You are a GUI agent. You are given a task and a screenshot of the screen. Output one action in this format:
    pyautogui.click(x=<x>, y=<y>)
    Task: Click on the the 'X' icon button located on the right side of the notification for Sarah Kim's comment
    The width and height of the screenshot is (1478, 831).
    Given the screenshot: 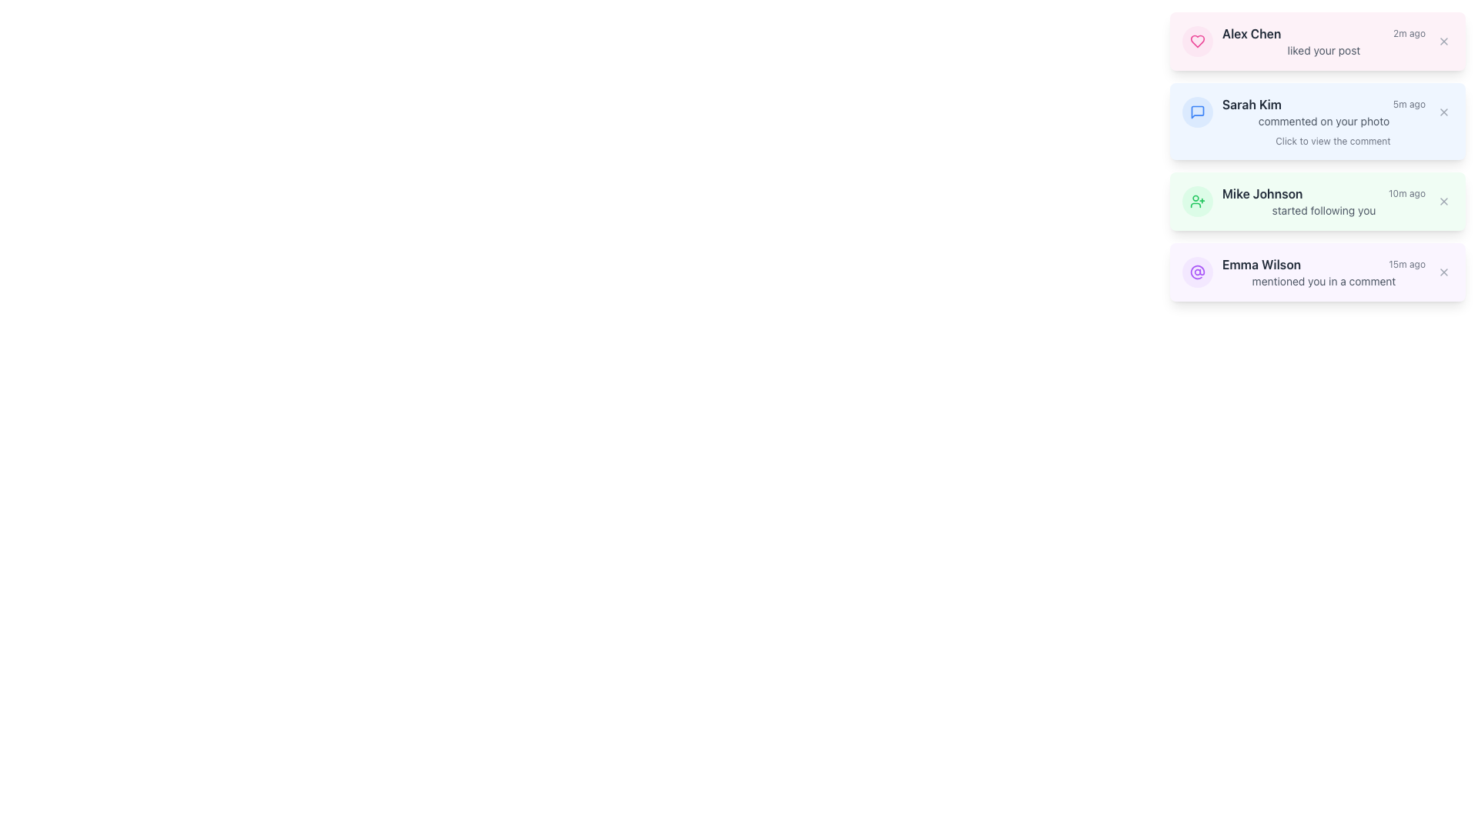 What is the action you would take?
    pyautogui.click(x=1443, y=112)
    